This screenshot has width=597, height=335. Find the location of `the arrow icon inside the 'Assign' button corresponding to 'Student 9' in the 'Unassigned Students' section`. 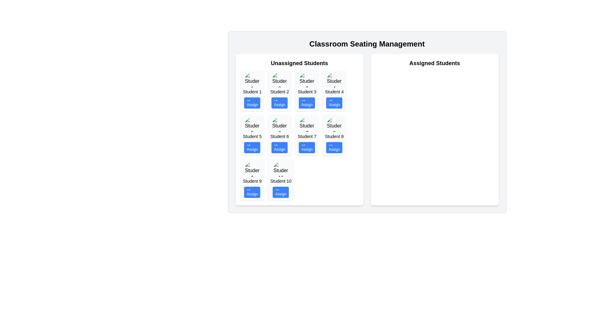

the arrow icon inside the 'Assign' button corresponding to 'Student 9' in the 'Unassigned Students' section is located at coordinates (248, 190).